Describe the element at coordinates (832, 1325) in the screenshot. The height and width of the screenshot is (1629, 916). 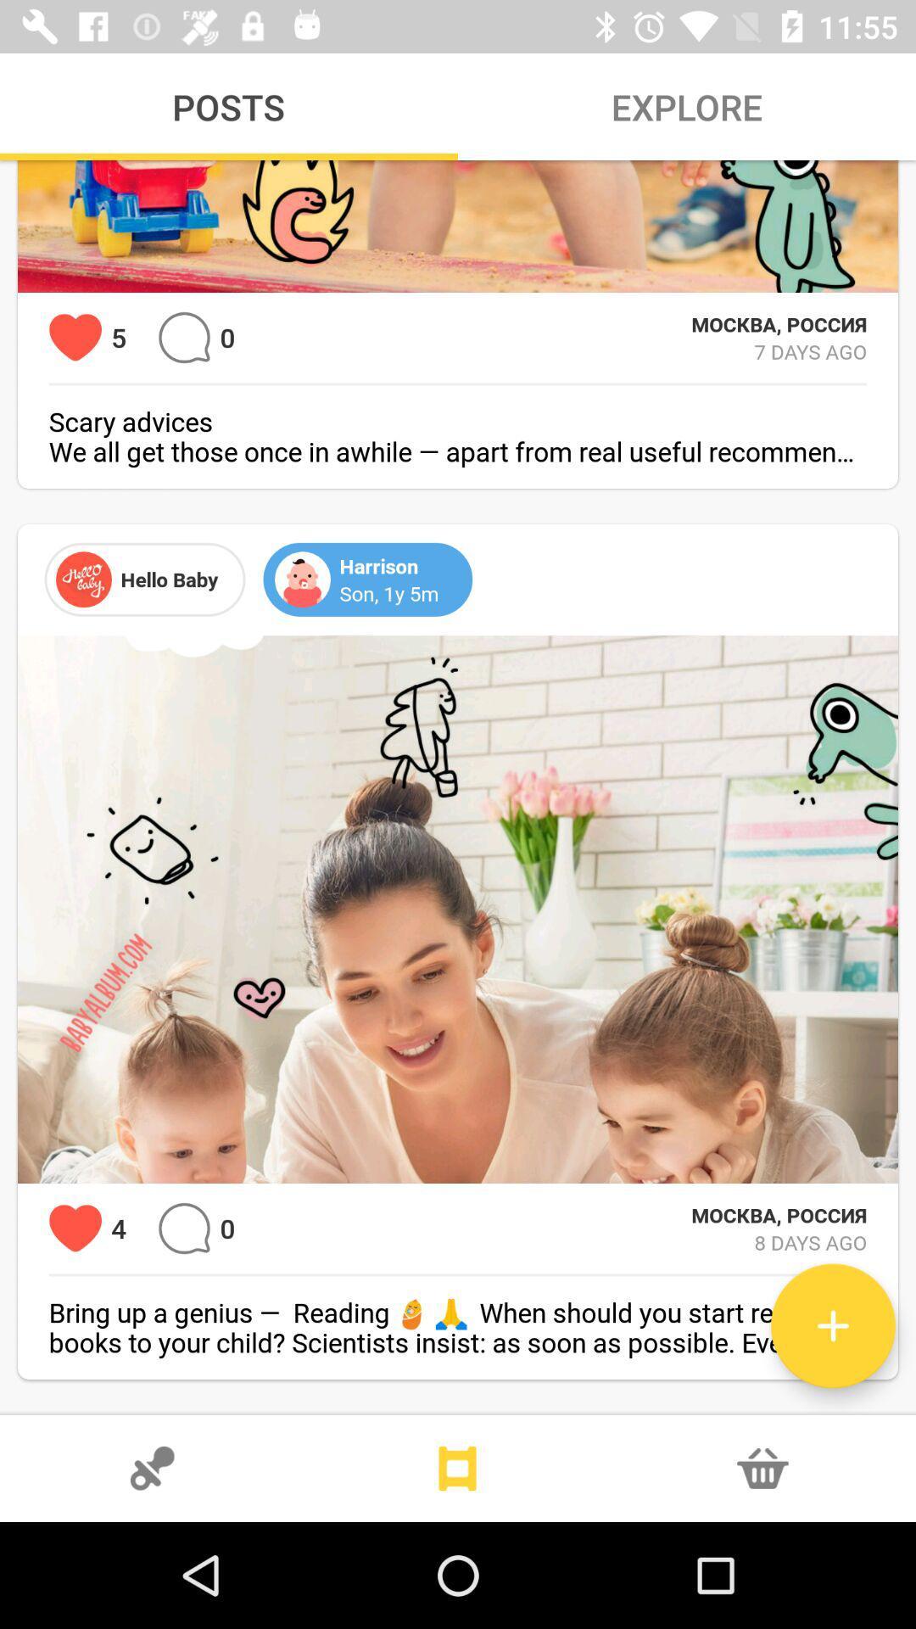
I see `extra upload button` at that location.